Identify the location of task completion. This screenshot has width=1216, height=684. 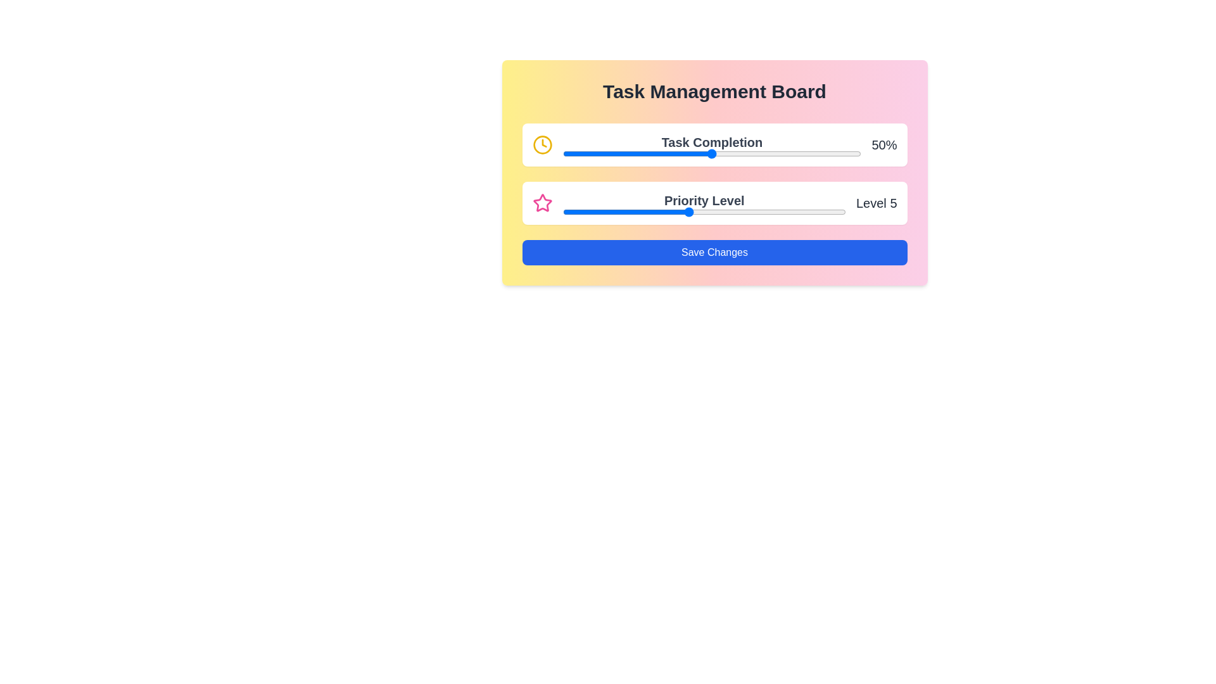
(562, 151).